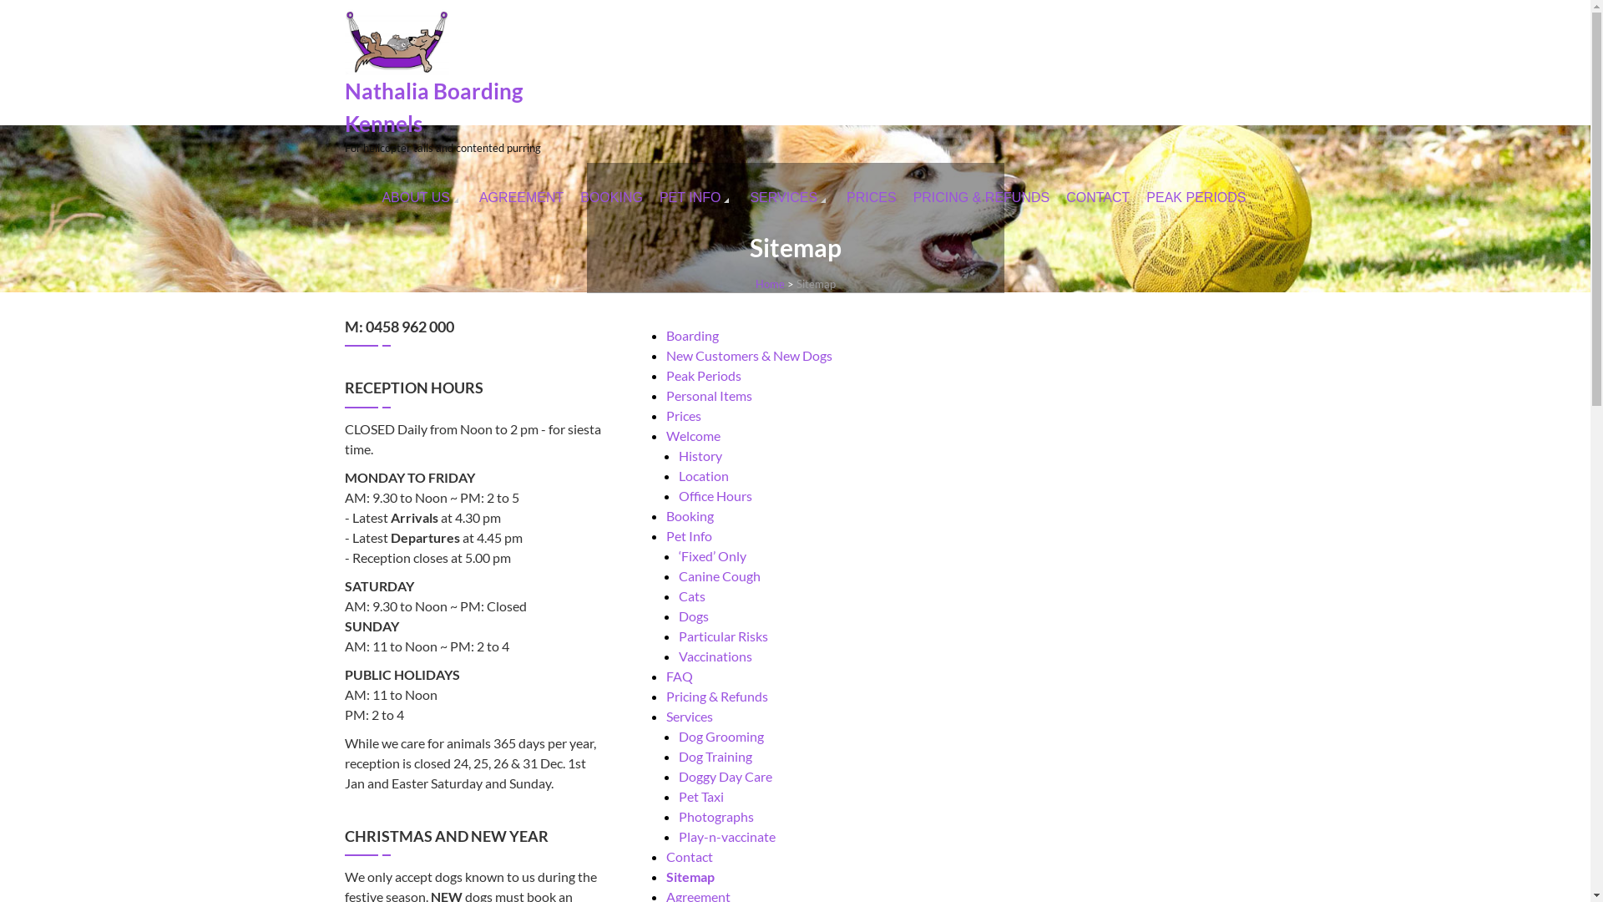 The width and height of the screenshot is (1603, 902). What do you see at coordinates (692, 595) in the screenshot?
I see `'Cats'` at bounding box center [692, 595].